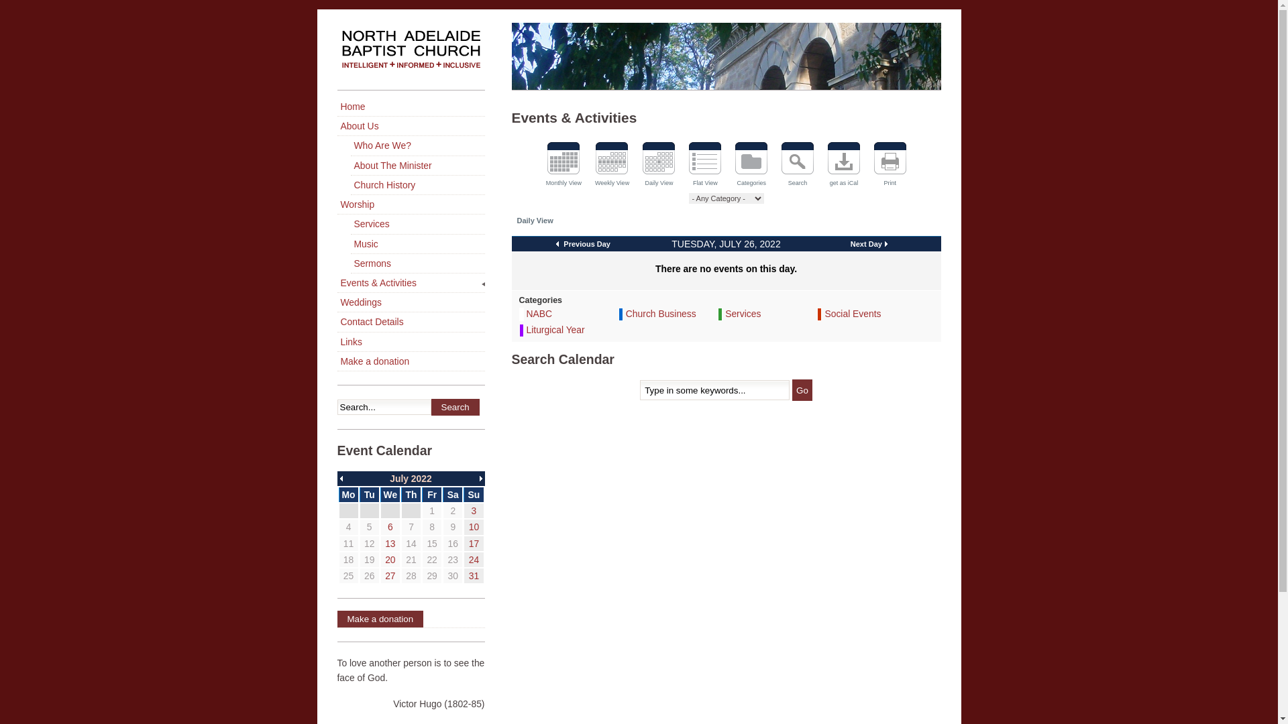 This screenshot has height=724, width=1288. Describe the element at coordinates (339, 477) in the screenshot. I see `'<'` at that location.